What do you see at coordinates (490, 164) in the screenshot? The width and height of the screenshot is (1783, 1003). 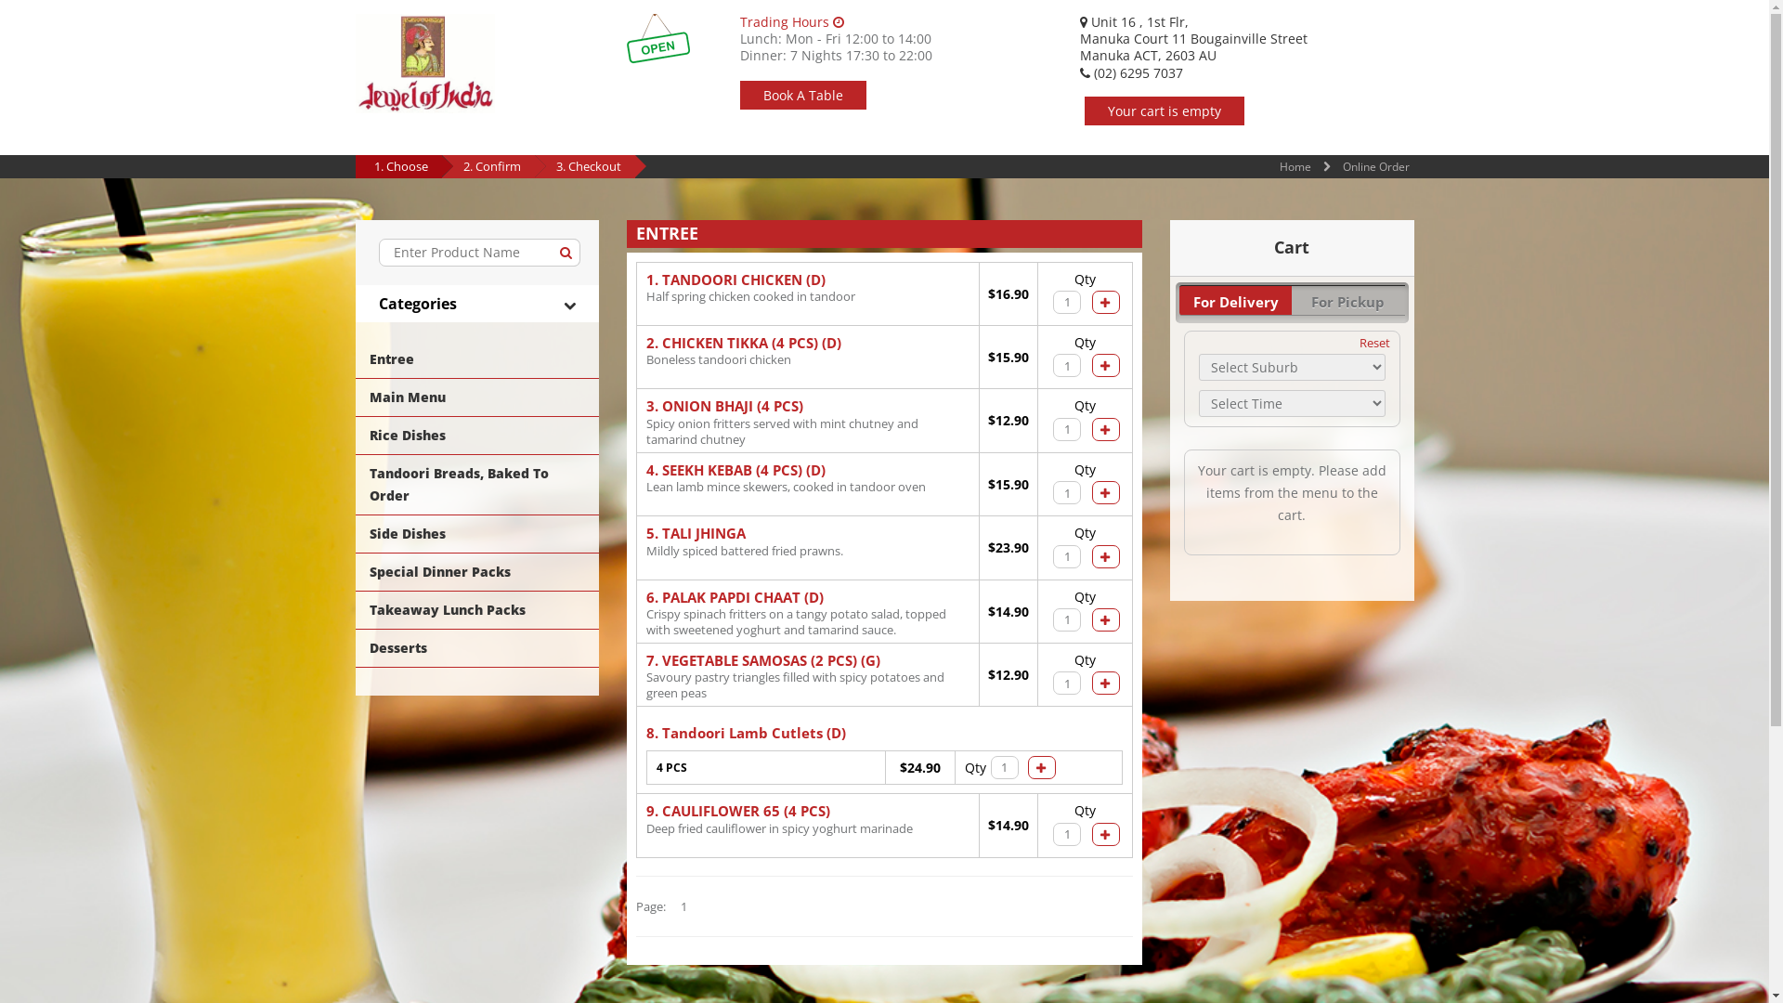 I see `'2. Confirm'` at bounding box center [490, 164].